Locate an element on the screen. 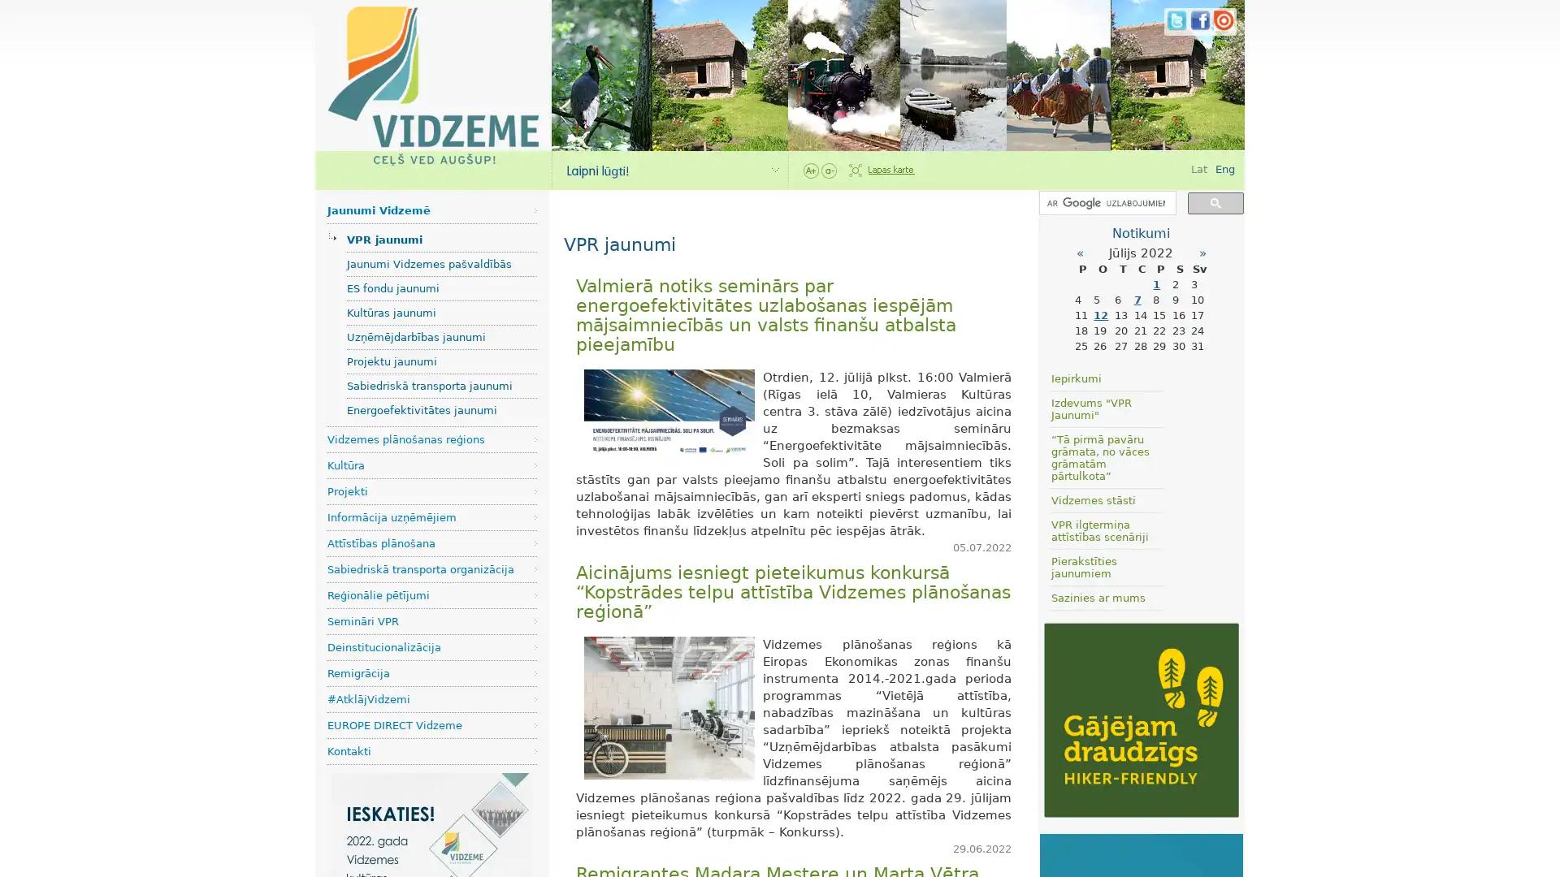  meklet is located at coordinates (1215, 201).